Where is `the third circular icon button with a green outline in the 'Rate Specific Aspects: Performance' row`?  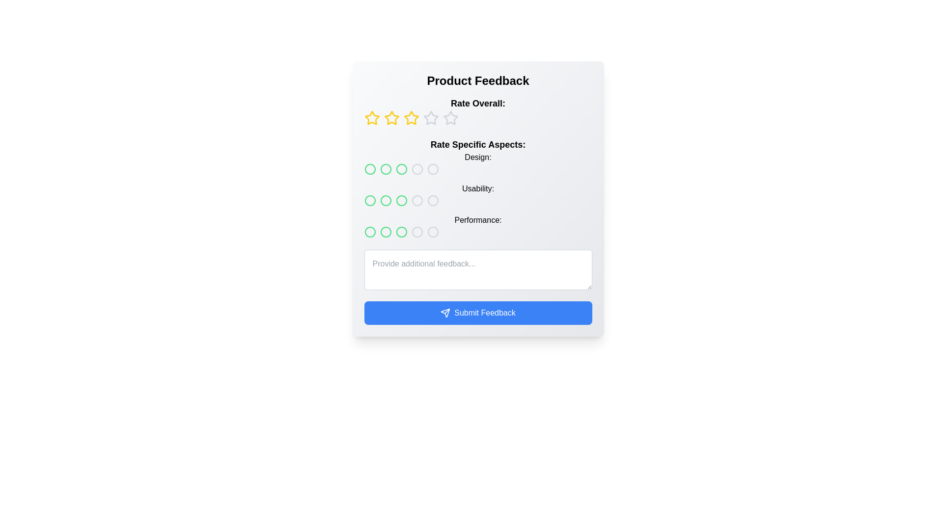 the third circular icon button with a green outline in the 'Rate Specific Aspects: Performance' row is located at coordinates (385, 232).